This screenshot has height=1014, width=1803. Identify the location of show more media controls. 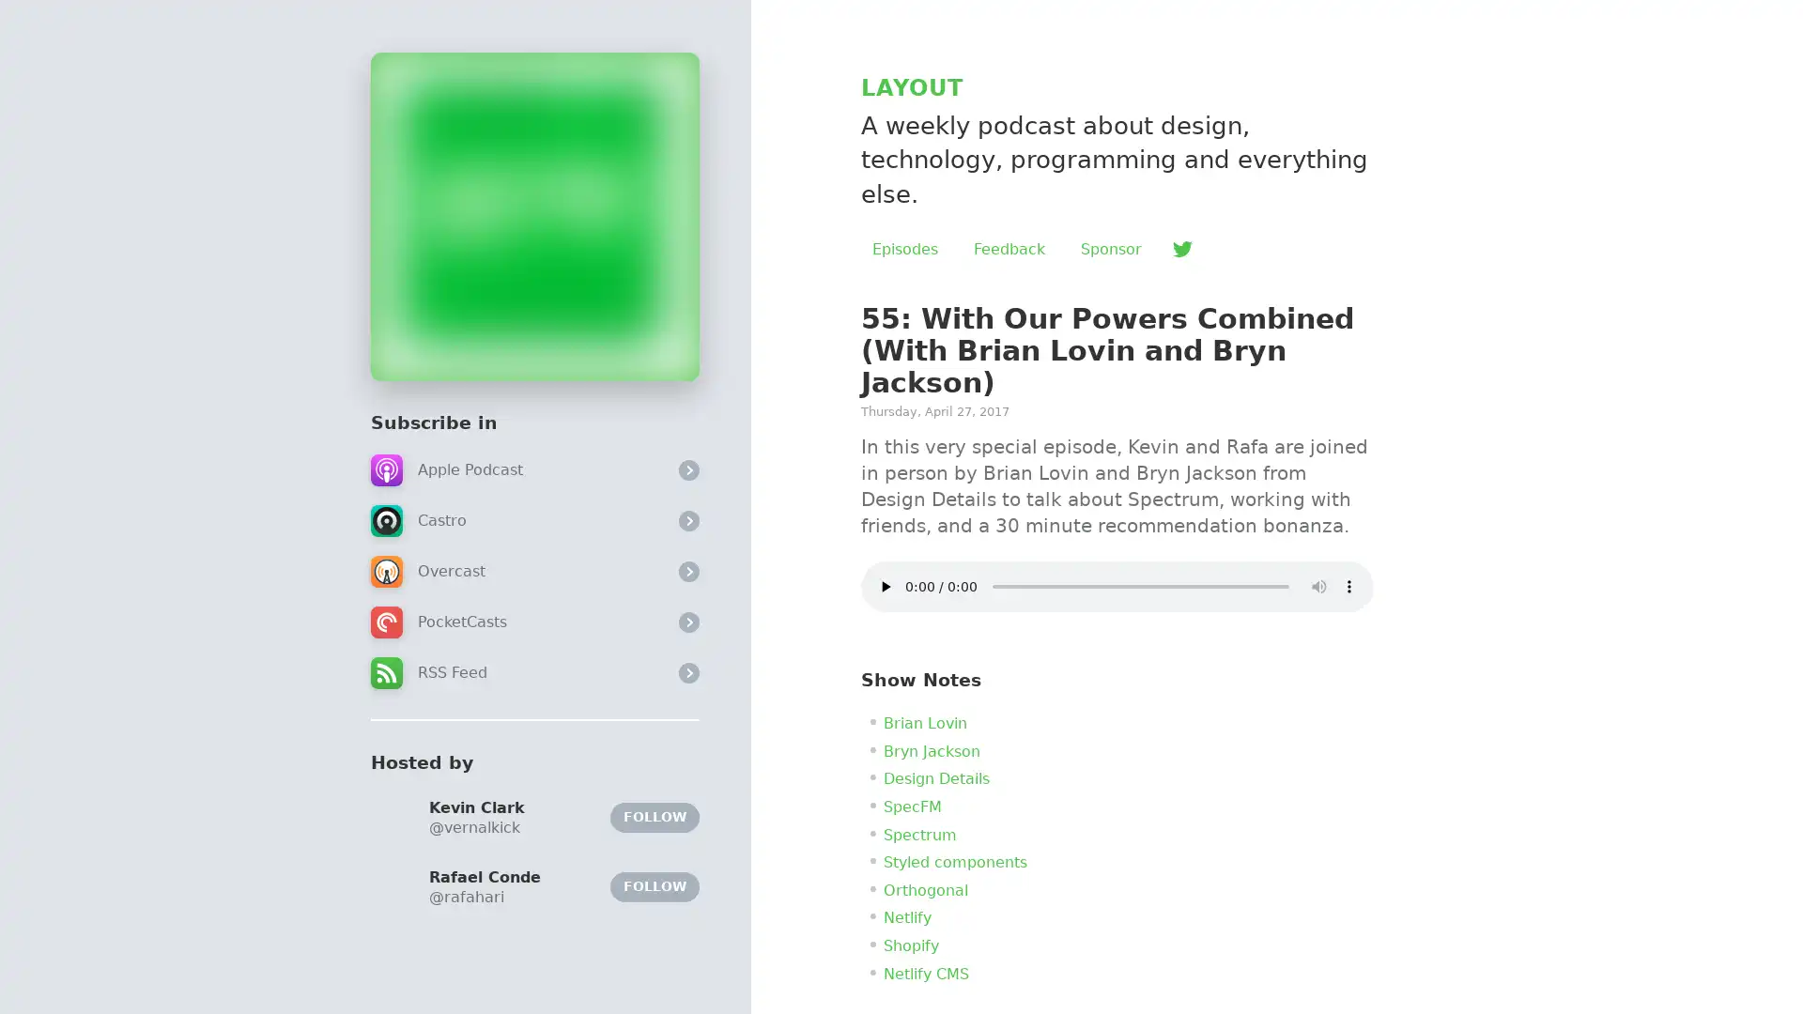
(1348, 585).